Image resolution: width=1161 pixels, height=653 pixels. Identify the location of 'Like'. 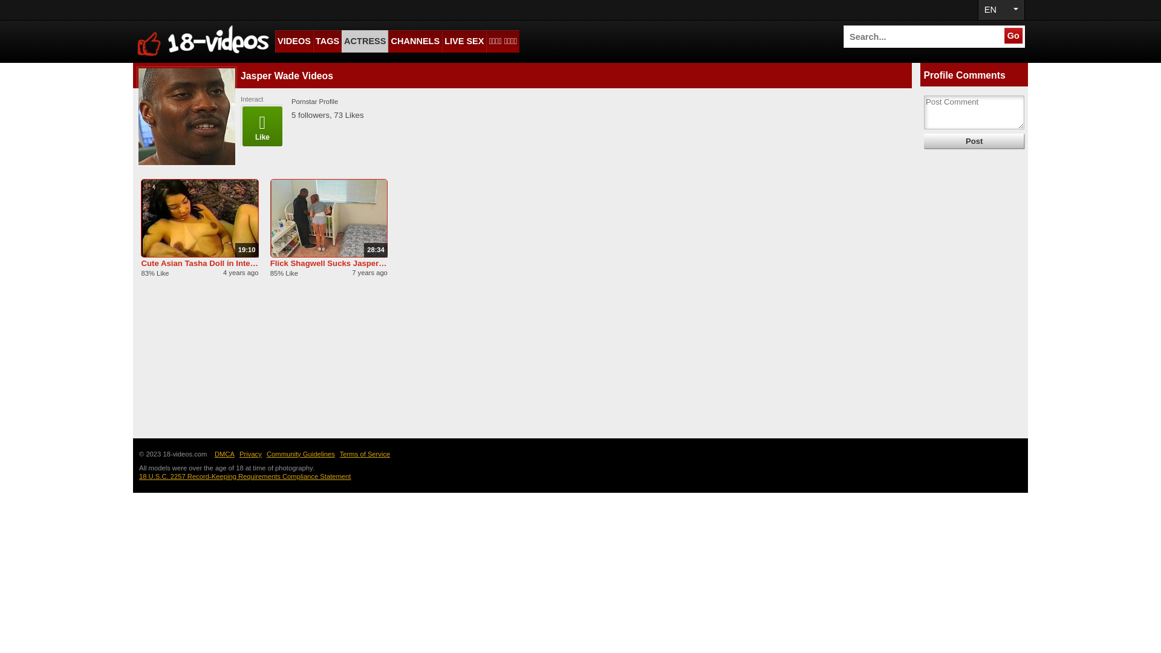
(261, 126).